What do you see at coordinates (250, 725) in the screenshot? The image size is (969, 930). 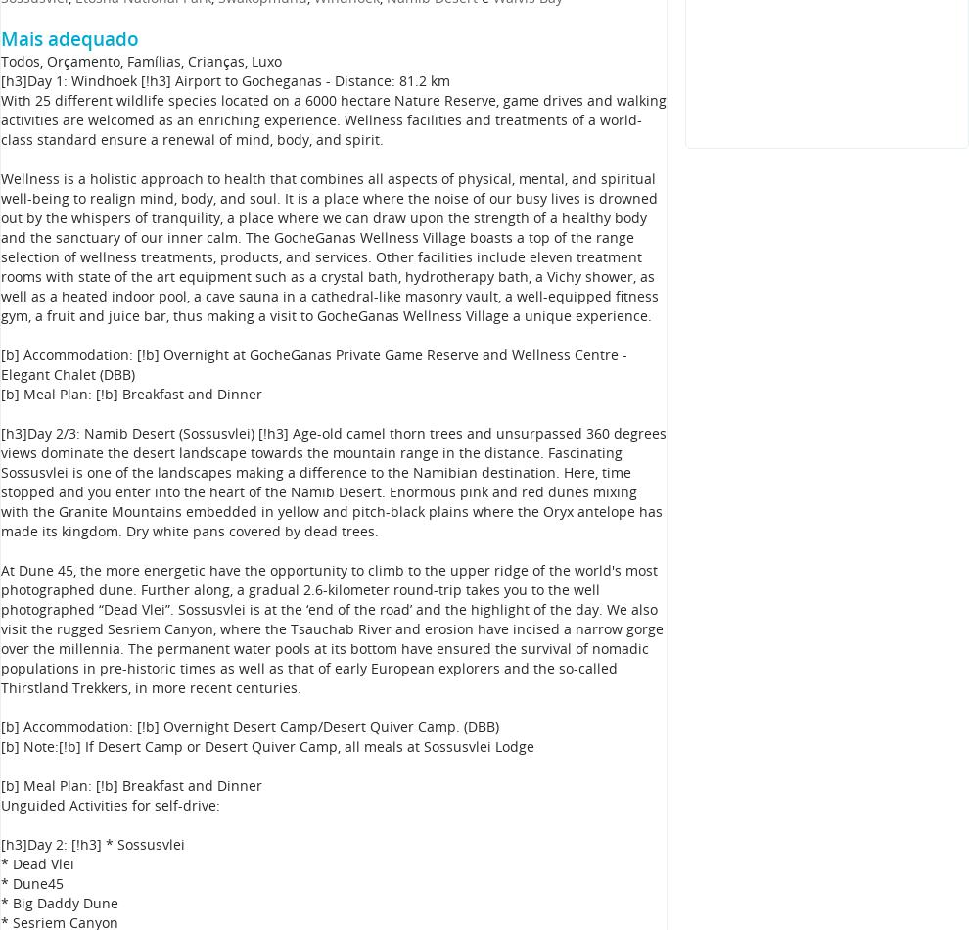 I see `'[b] Accommodation: [!b] Overnight Desert Camp/Desert Quiver Camp. (DBB)'` at bounding box center [250, 725].